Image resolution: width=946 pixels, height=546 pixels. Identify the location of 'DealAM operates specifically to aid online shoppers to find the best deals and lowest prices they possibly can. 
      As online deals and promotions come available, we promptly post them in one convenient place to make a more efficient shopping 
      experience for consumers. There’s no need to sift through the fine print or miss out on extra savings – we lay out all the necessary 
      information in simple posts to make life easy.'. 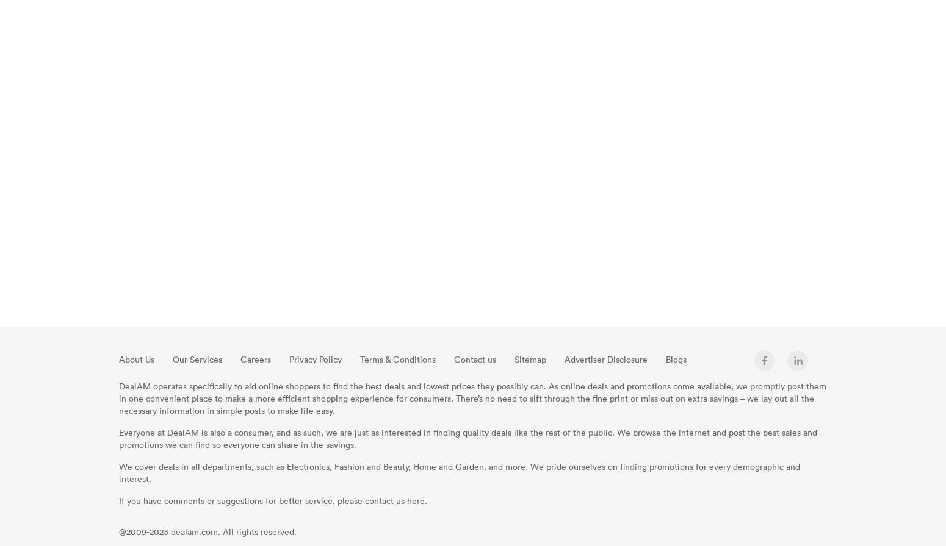
(118, 398).